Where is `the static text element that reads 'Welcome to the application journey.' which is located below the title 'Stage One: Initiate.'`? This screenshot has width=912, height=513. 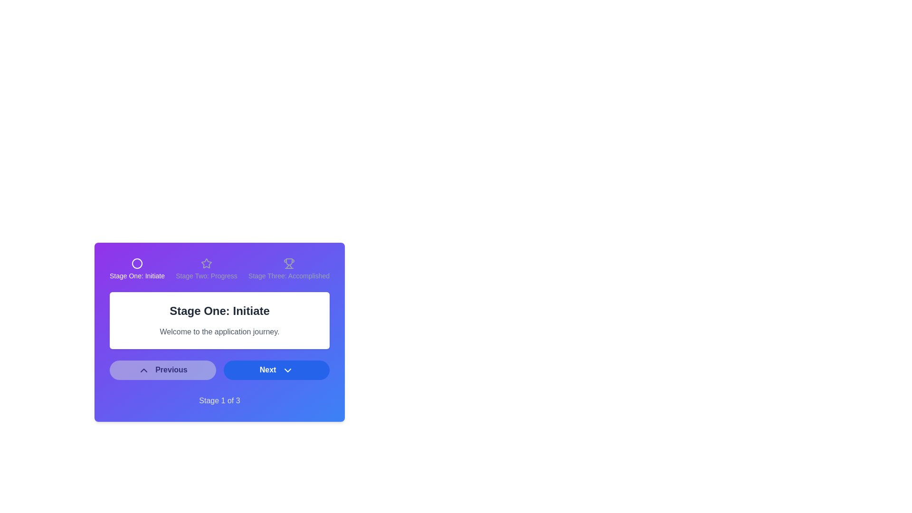
the static text element that reads 'Welcome to the application journey.' which is located below the title 'Stage One: Initiate.' is located at coordinates (219, 331).